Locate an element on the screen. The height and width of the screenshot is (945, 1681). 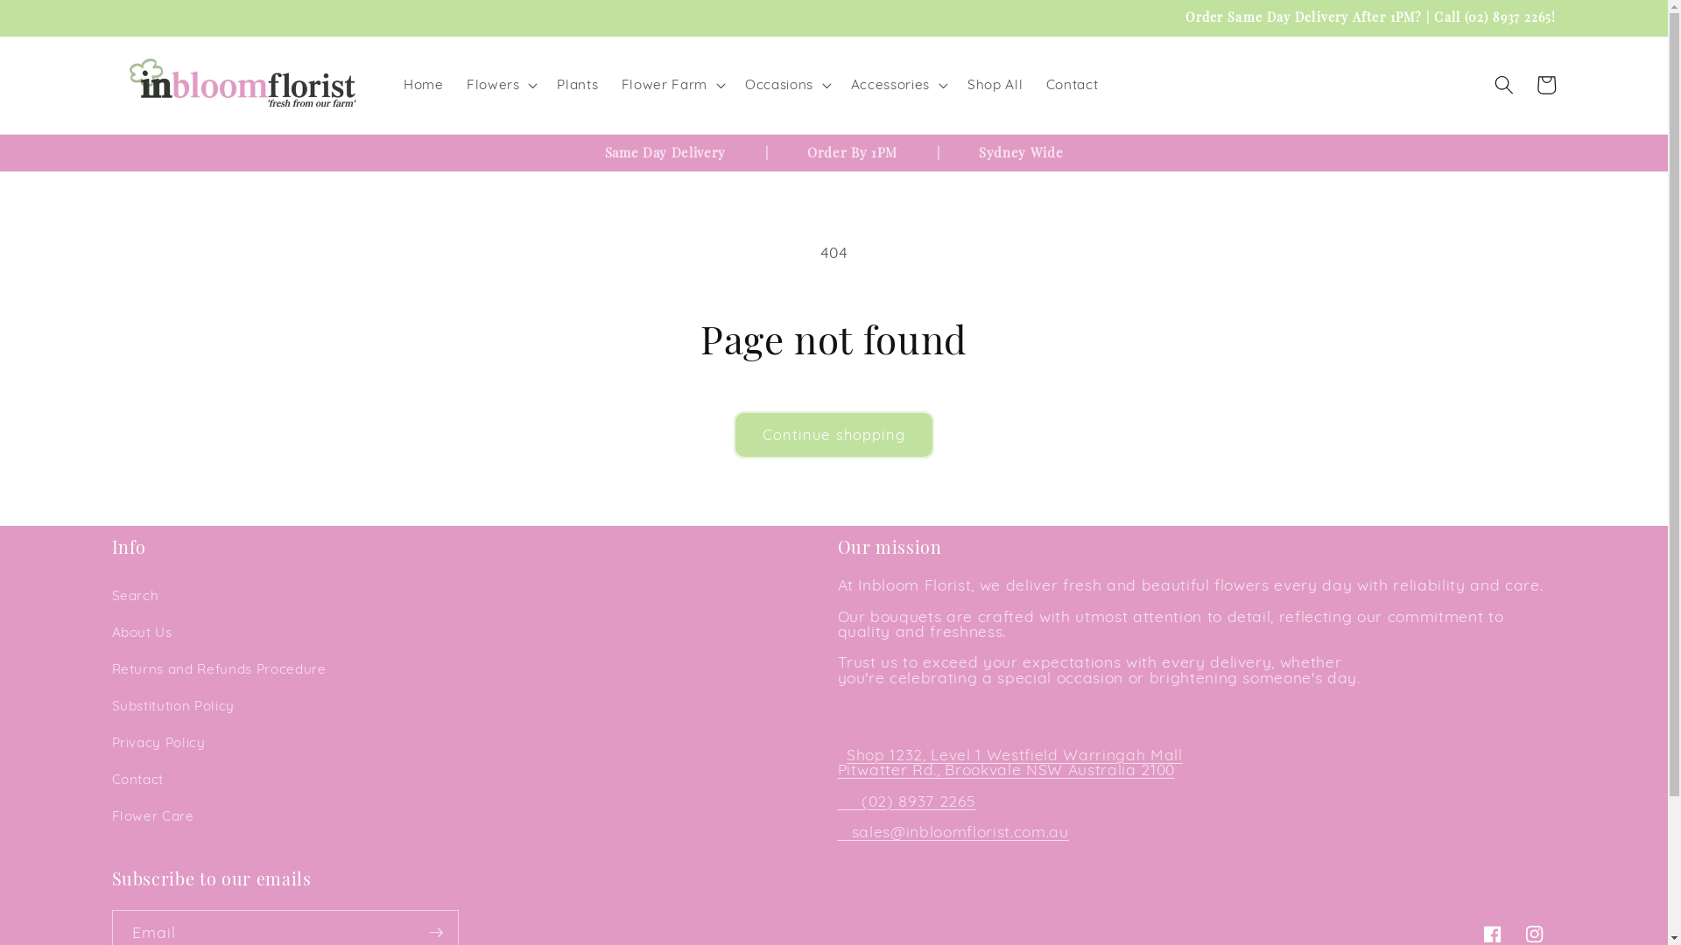
'Contact' is located at coordinates (1071, 84).